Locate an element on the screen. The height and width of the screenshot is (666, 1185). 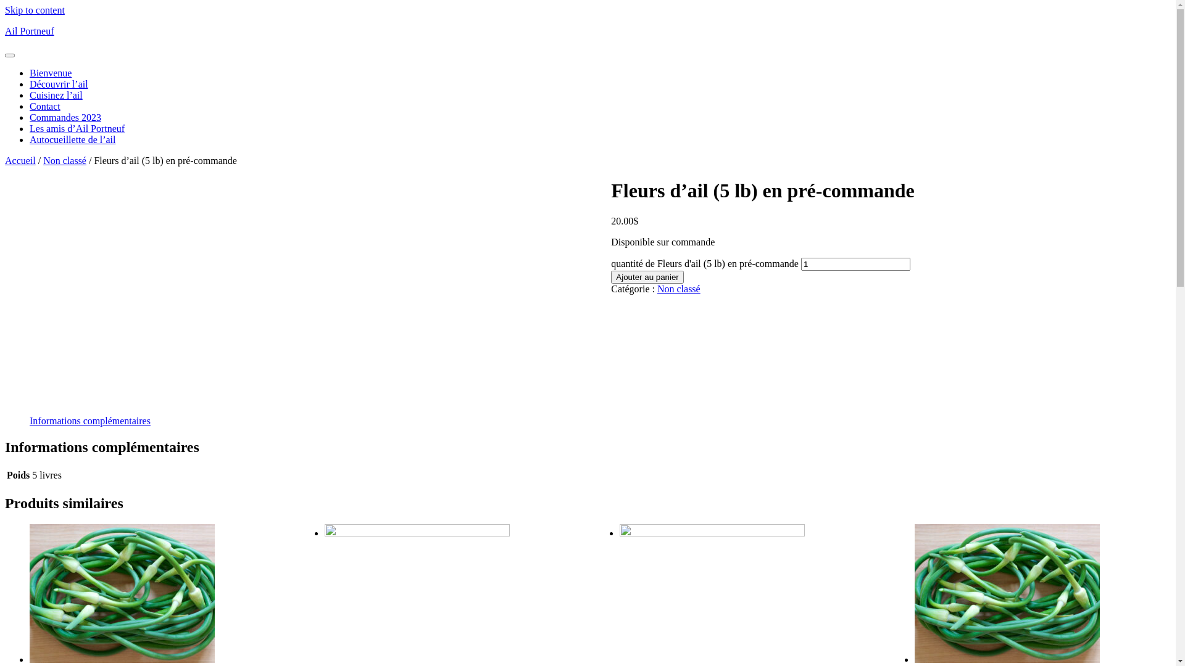
'Ail Portneuf' is located at coordinates (30, 30).